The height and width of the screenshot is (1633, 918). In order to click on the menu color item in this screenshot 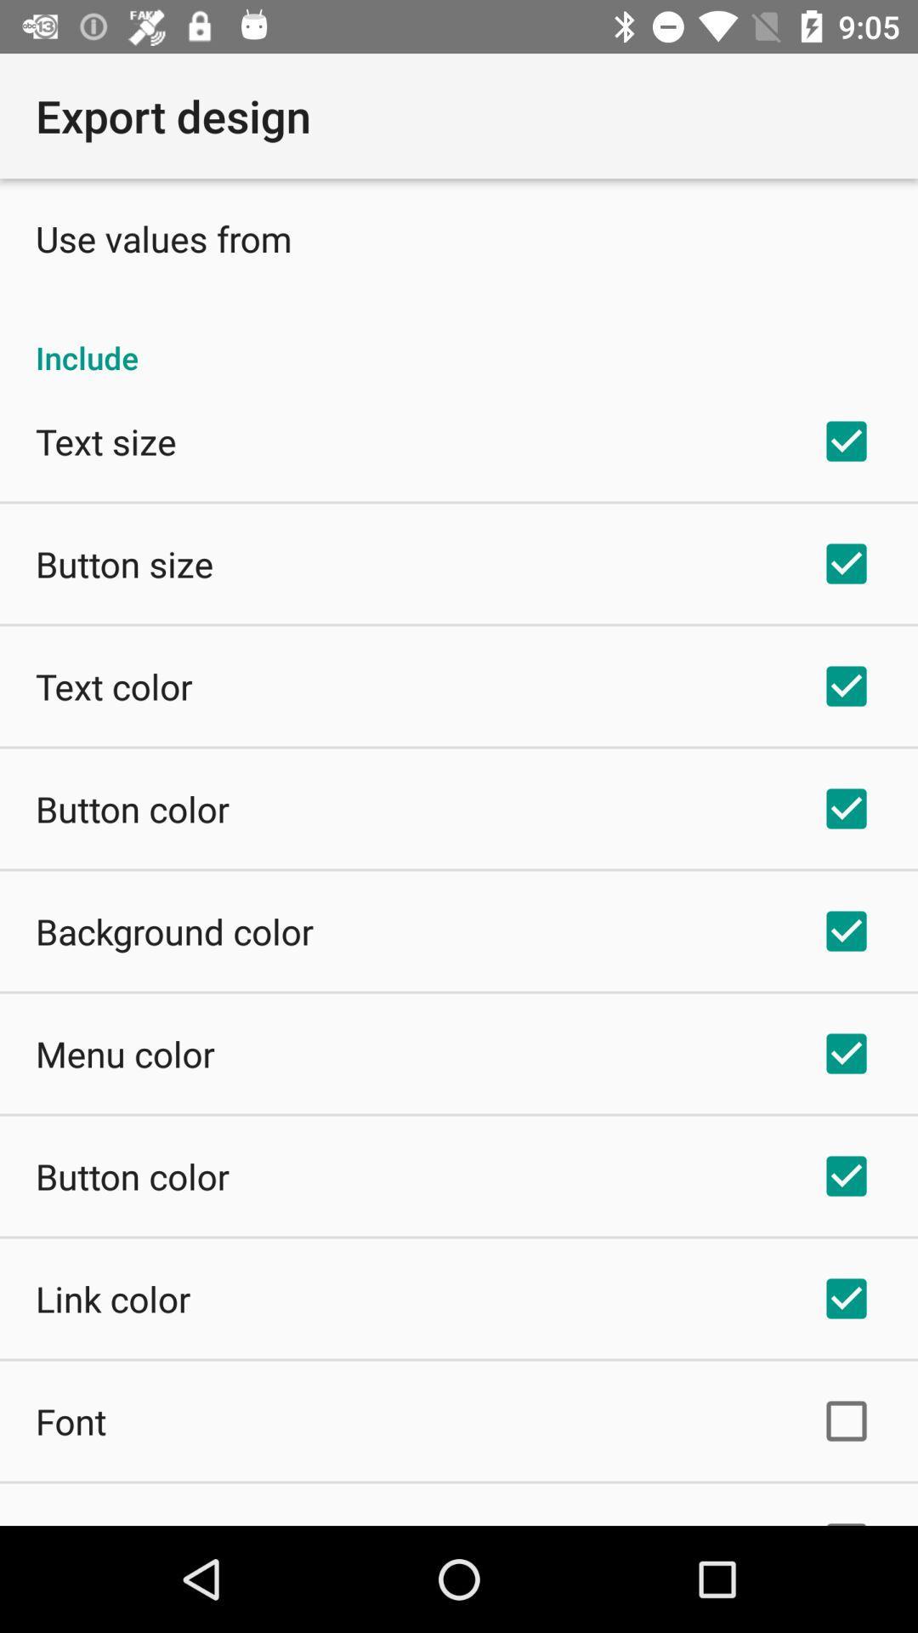, I will do `click(124, 1052)`.